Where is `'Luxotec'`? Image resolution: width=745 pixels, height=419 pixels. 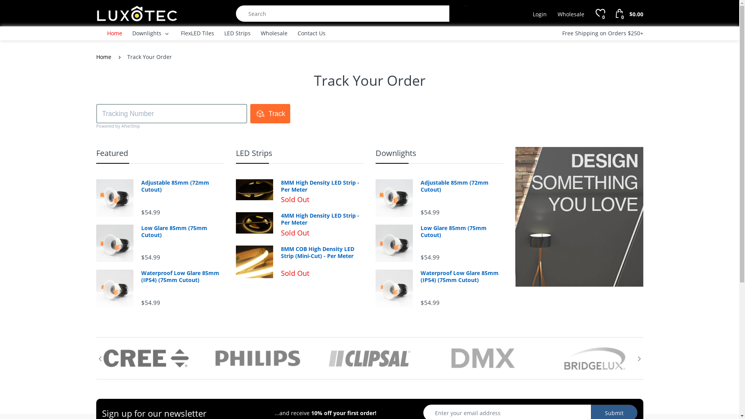 'Luxotec' is located at coordinates (137, 13).